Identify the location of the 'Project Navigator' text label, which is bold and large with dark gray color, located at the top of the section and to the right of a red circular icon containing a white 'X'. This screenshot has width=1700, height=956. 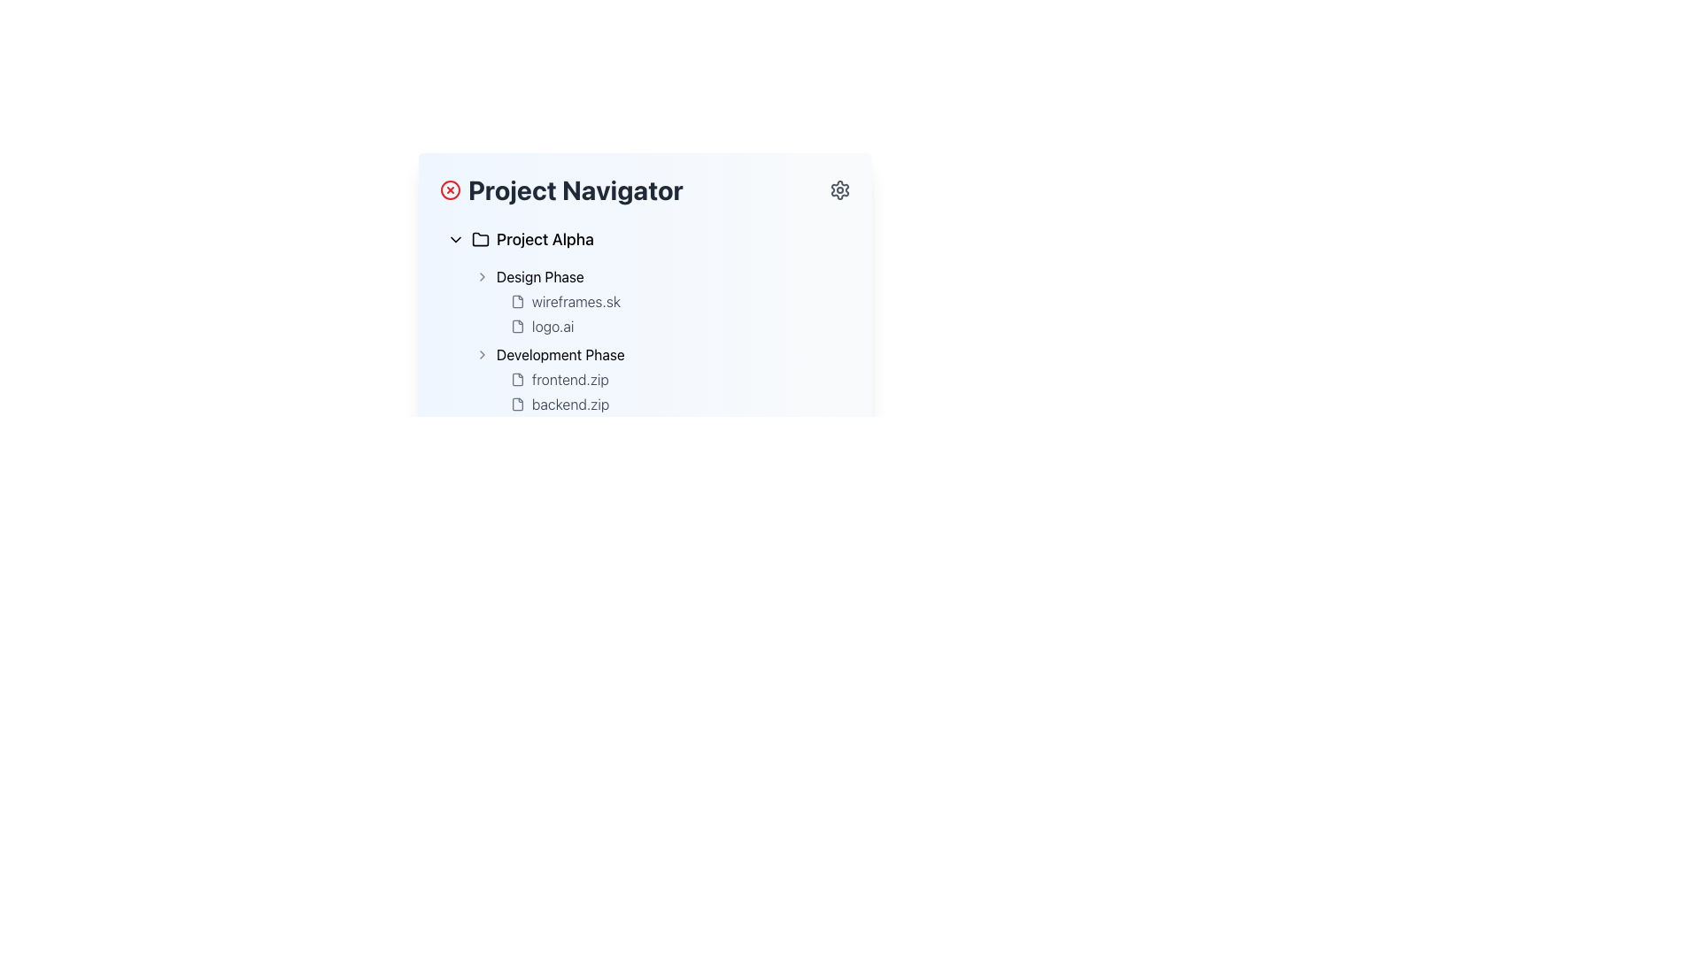
(560, 190).